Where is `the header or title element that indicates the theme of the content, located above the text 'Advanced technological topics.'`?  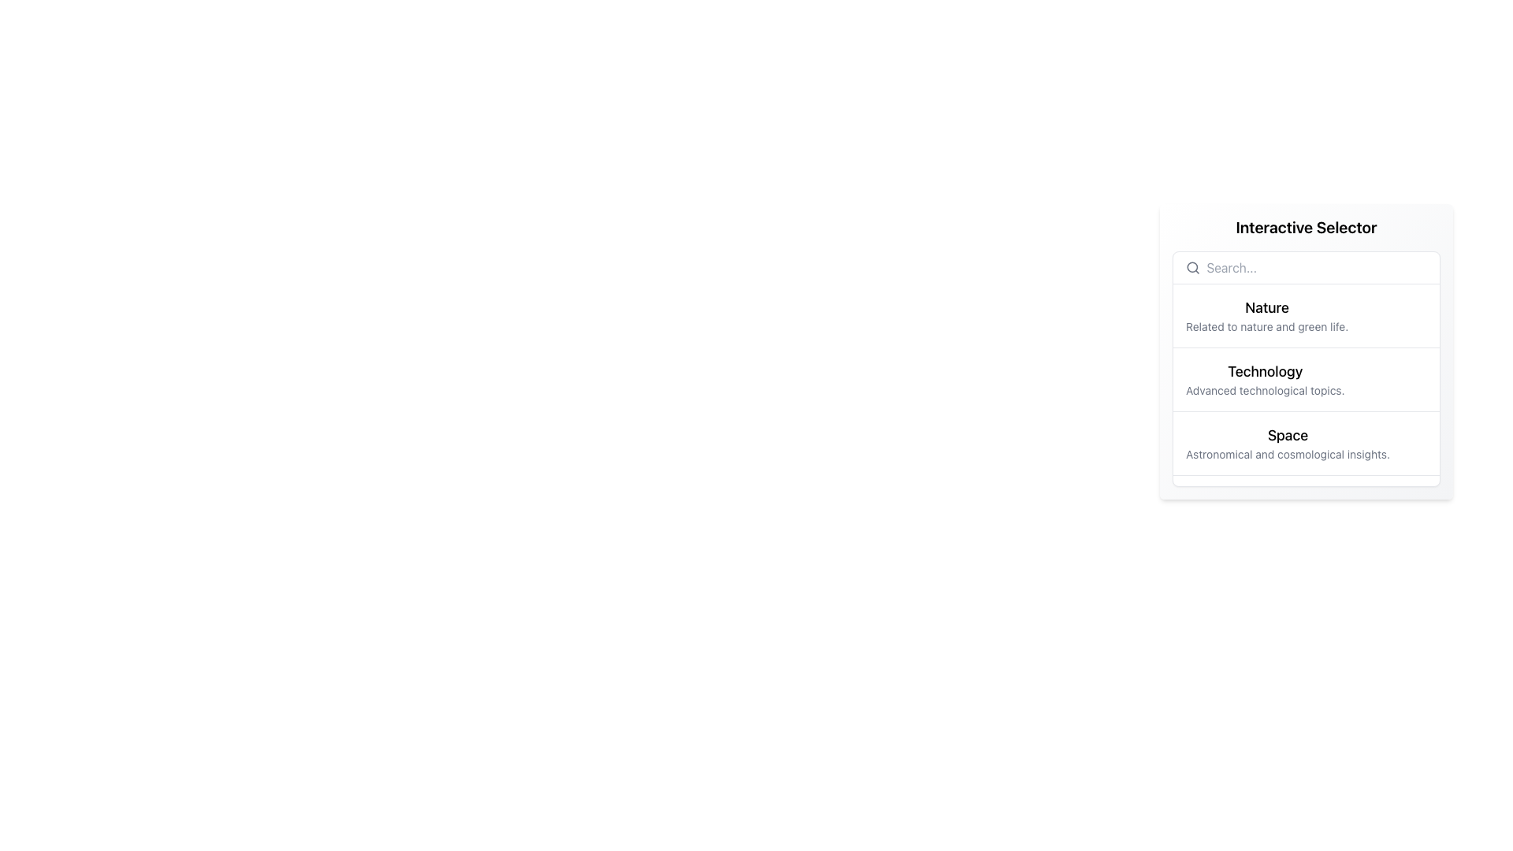 the header or title element that indicates the theme of the content, located above the text 'Advanced technological topics.' is located at coordinates (1265, 371).